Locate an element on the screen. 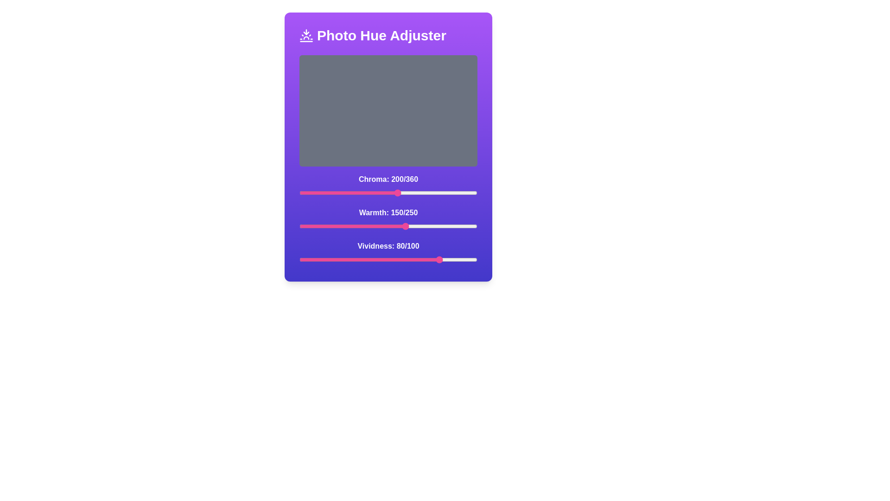 This screenshot has height=501, width=890. the warmth slider to 95 value is located at coordinates (367, 226).